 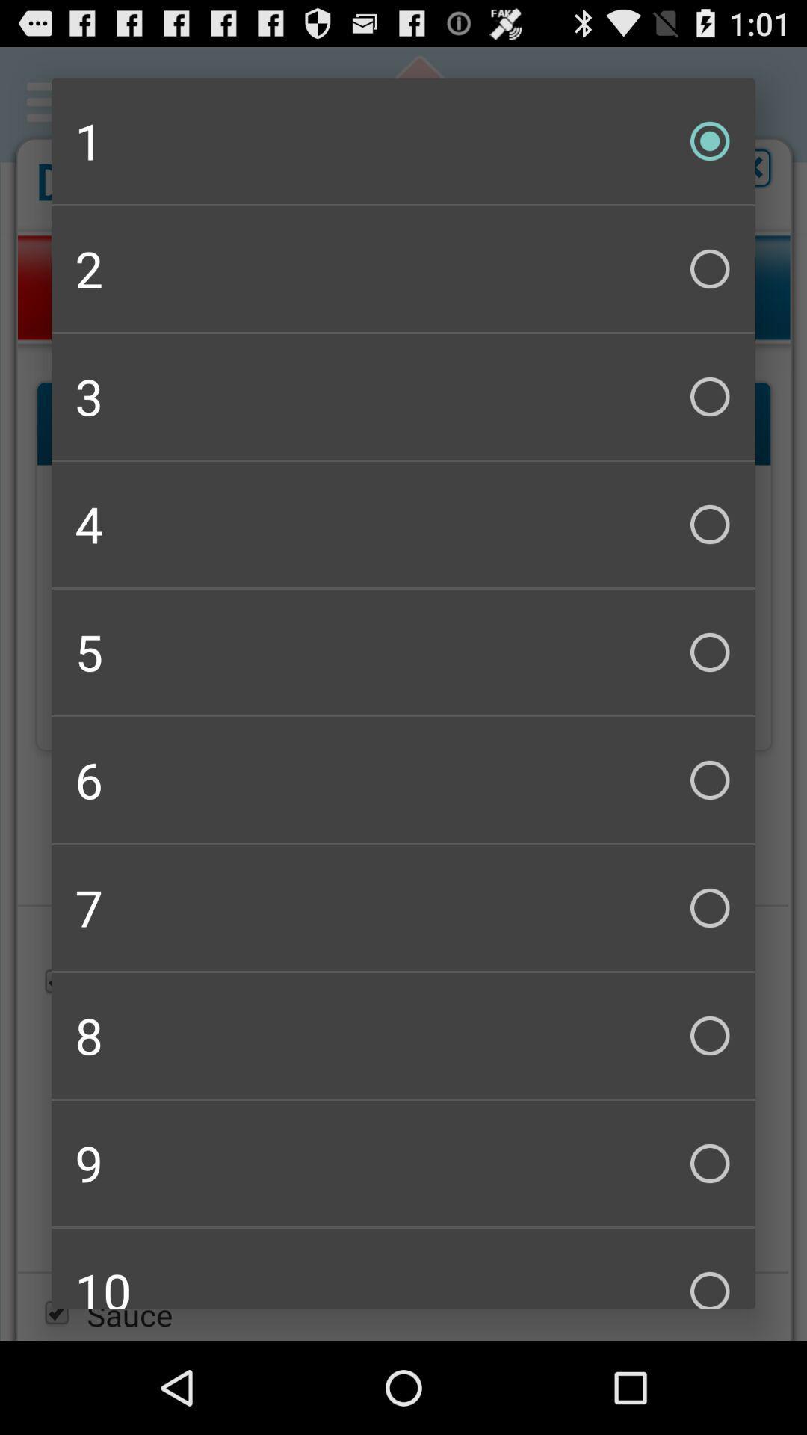 I want to click on the icon below 6, so click(x=403, y=907).